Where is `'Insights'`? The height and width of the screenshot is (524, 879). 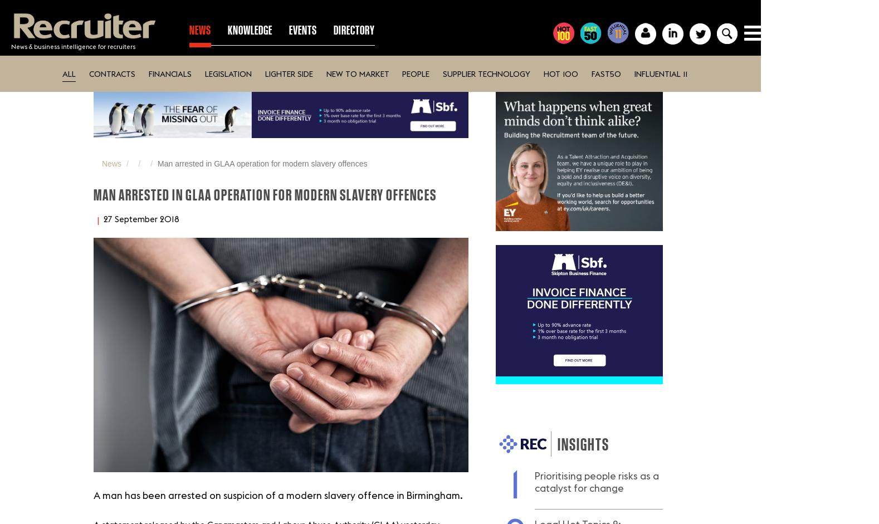
'Insights' is located at coordinates (583, 443).